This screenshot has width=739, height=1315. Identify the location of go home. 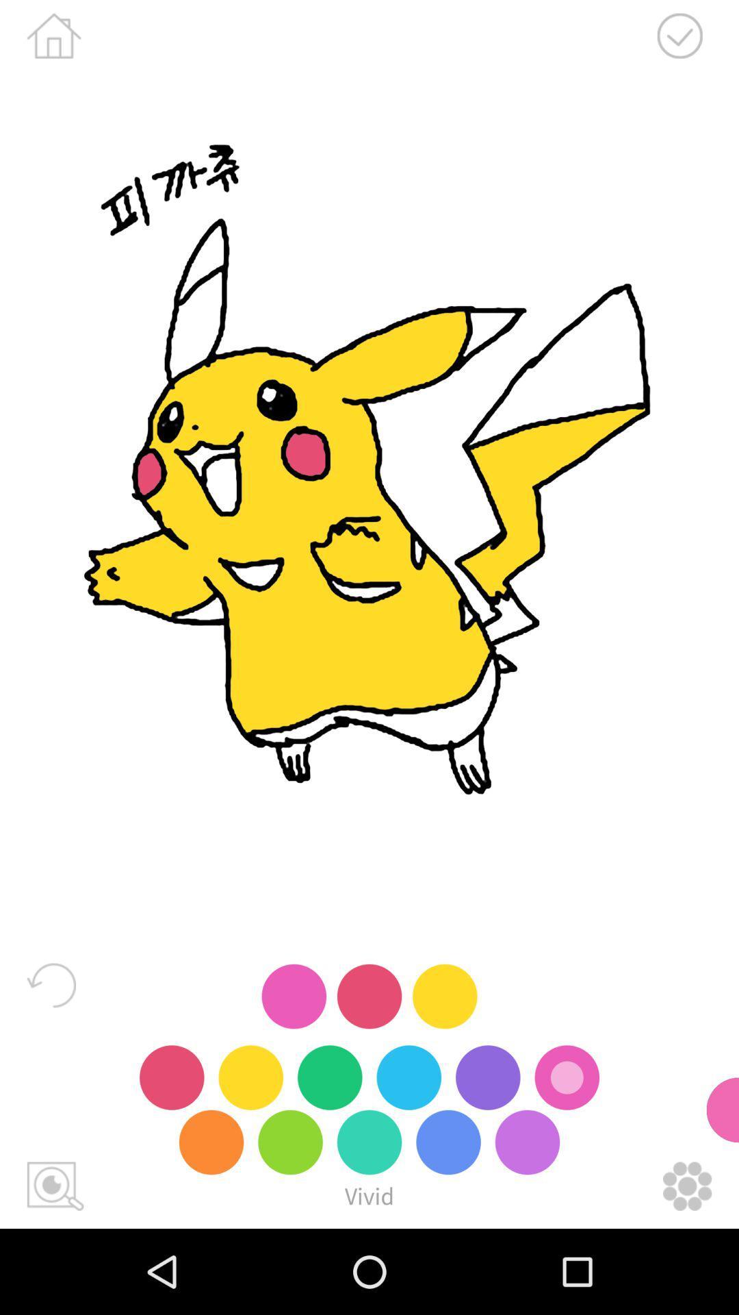
(53, 36).